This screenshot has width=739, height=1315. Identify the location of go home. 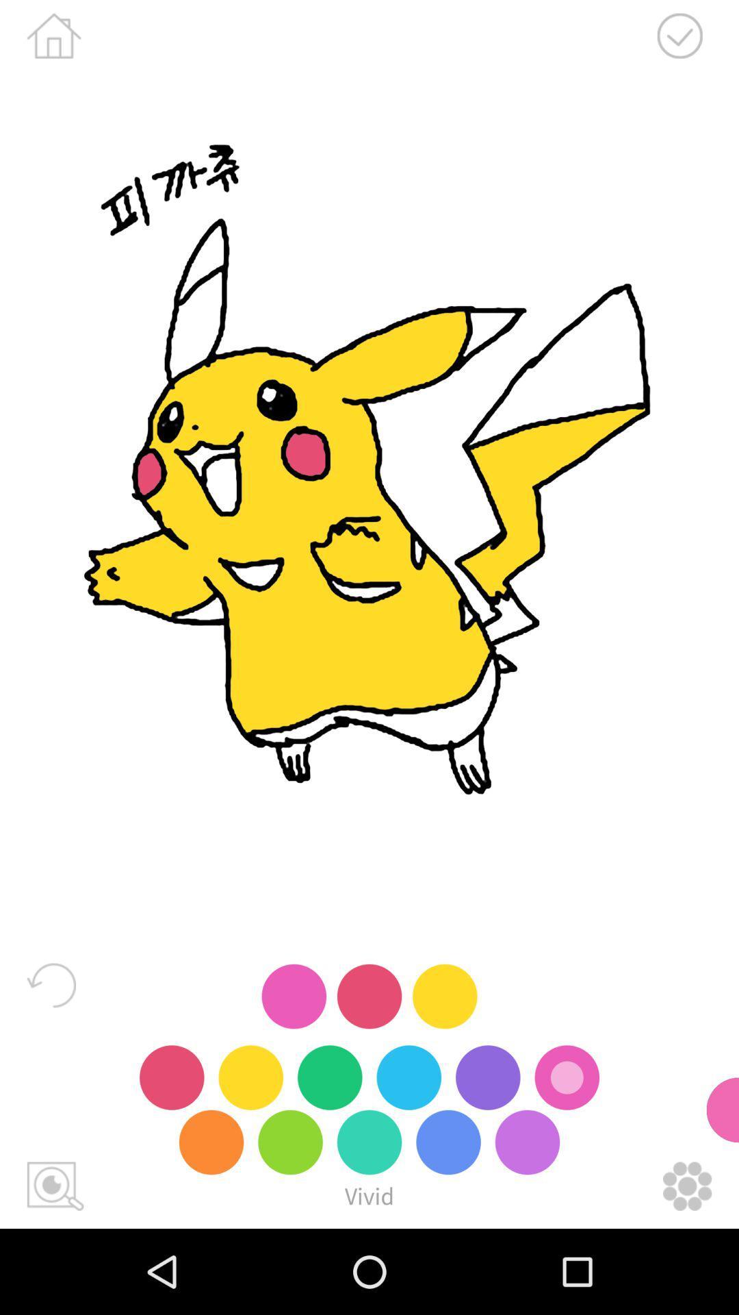
(53, 36).